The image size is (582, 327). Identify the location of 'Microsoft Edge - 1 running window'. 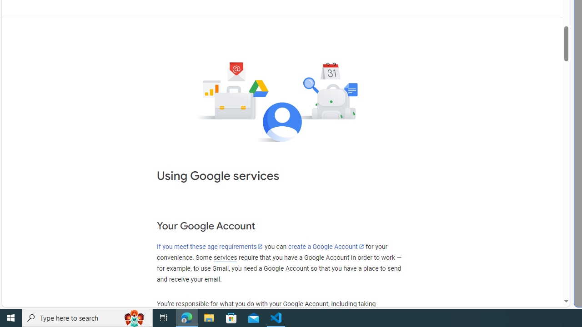
(186, 317).